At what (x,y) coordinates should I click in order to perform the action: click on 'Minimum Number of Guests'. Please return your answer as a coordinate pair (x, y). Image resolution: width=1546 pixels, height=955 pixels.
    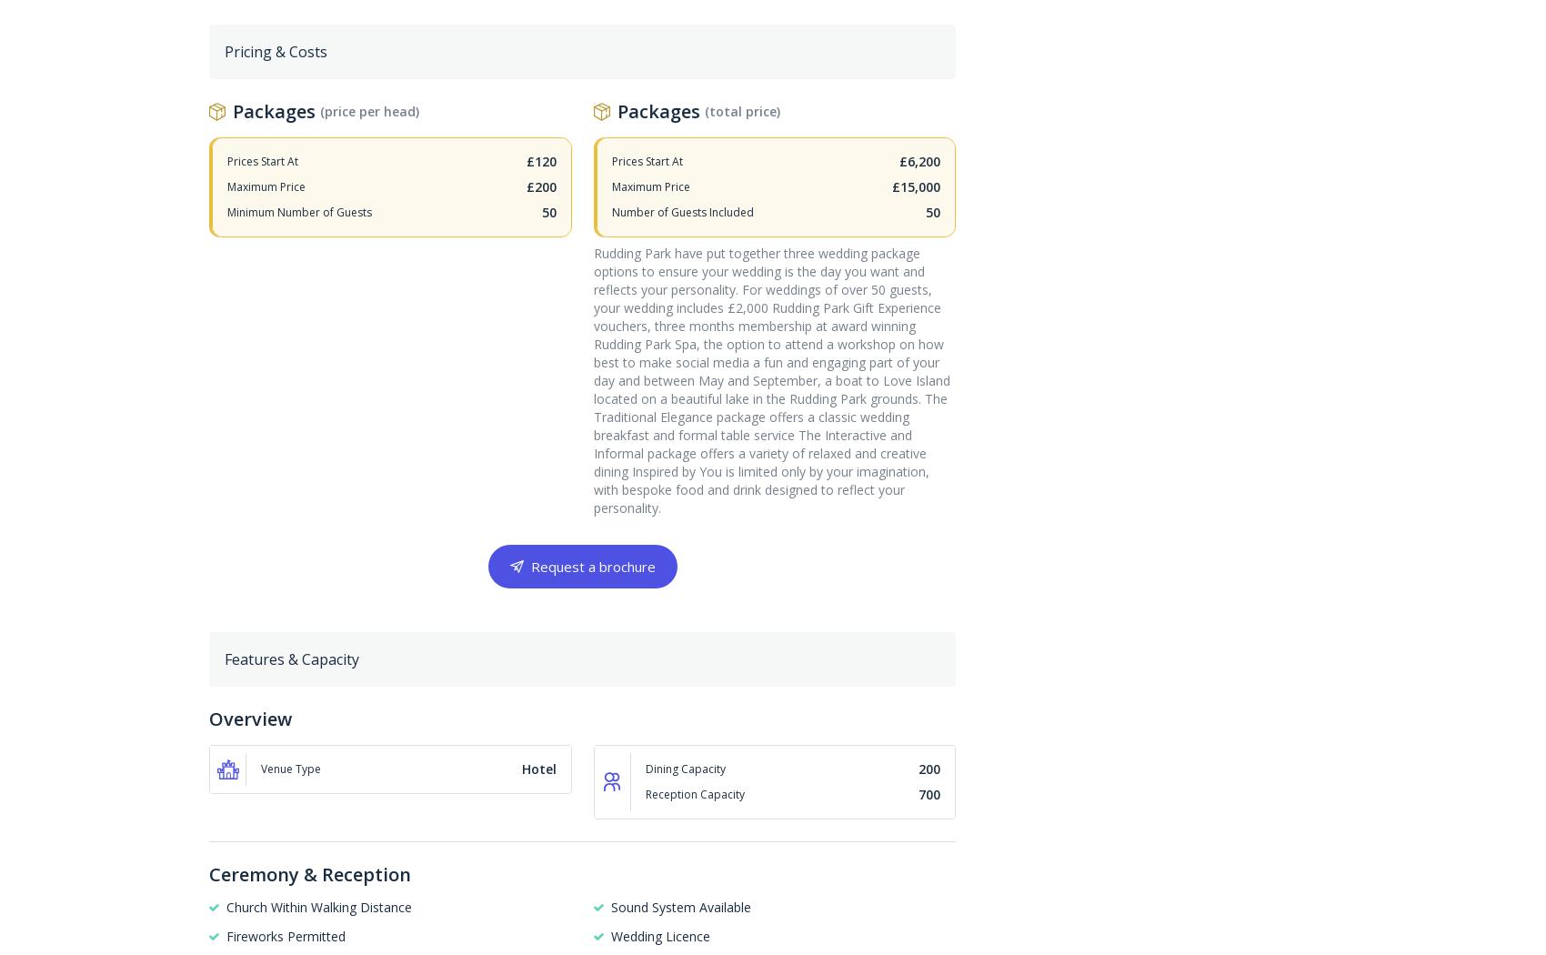
    Looking at the image, I should click on (227, 211).